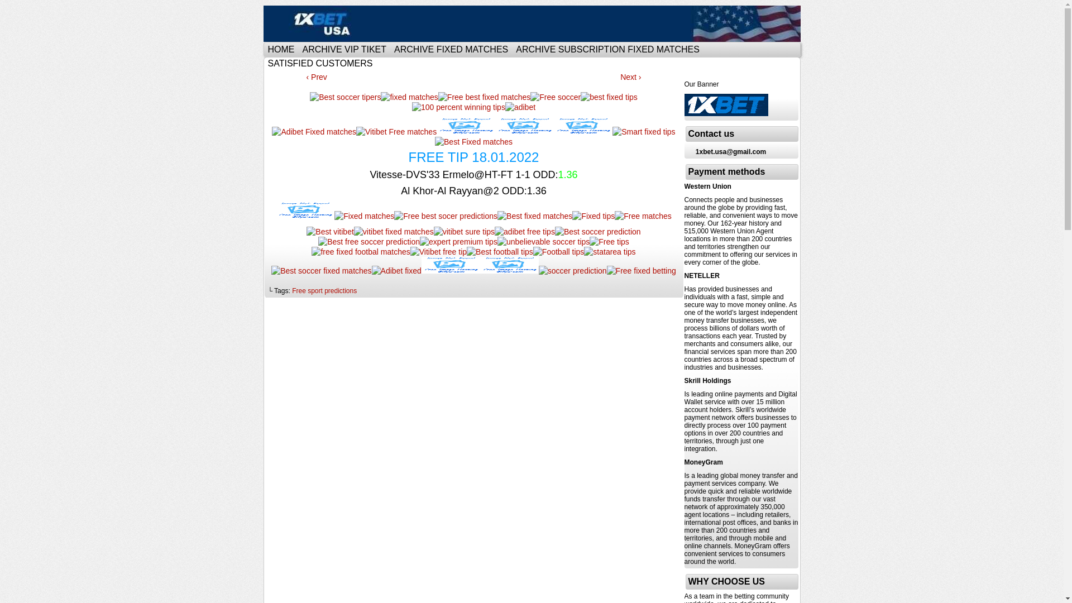 The image size is (1072, 603). What do you see at coordinates (271, 131) in the screenshot?
I see `'Adibet Fixed matches'` at bounding box center [271, 131].